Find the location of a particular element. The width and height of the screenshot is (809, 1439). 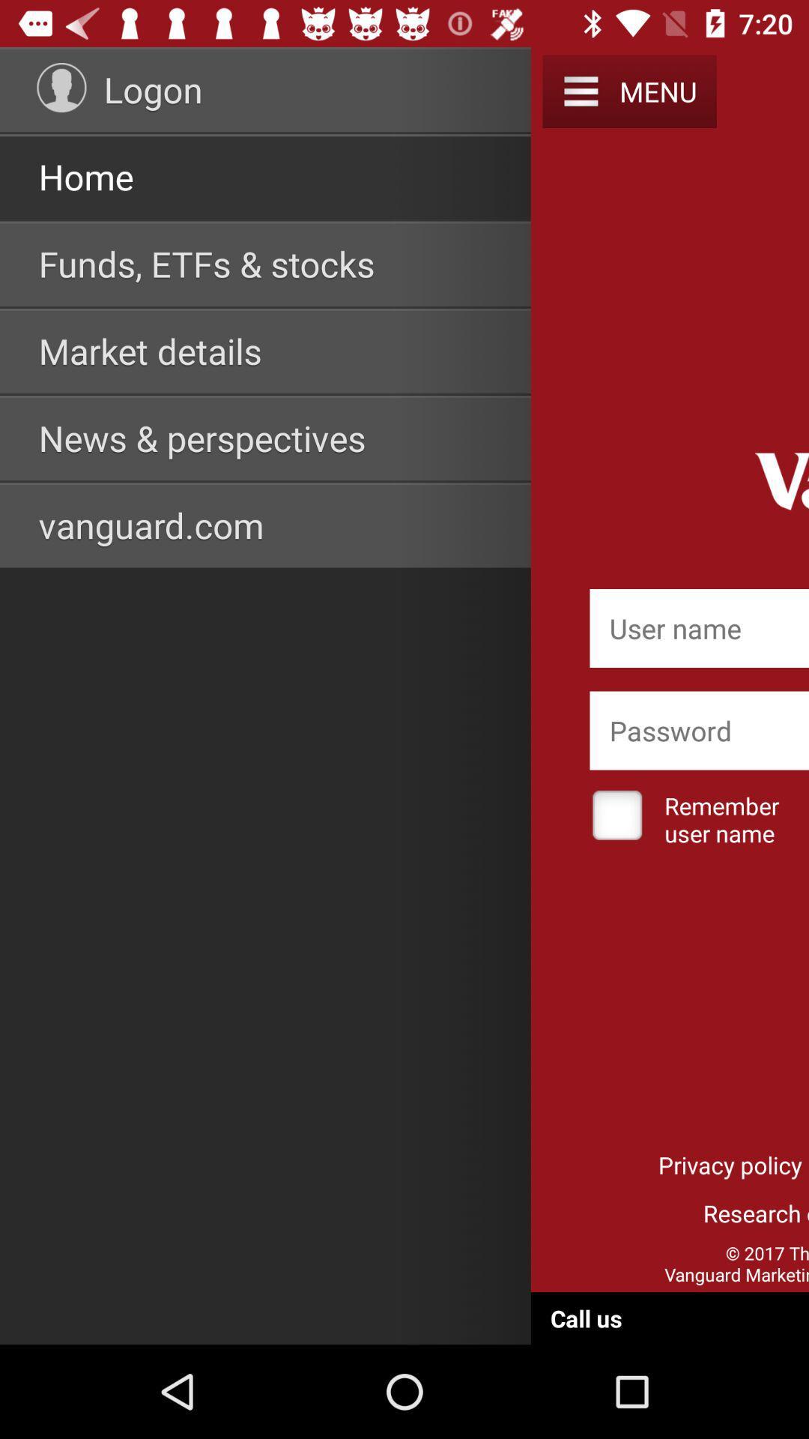

icon to the left of menu icon is located at coordinates (580, 91).